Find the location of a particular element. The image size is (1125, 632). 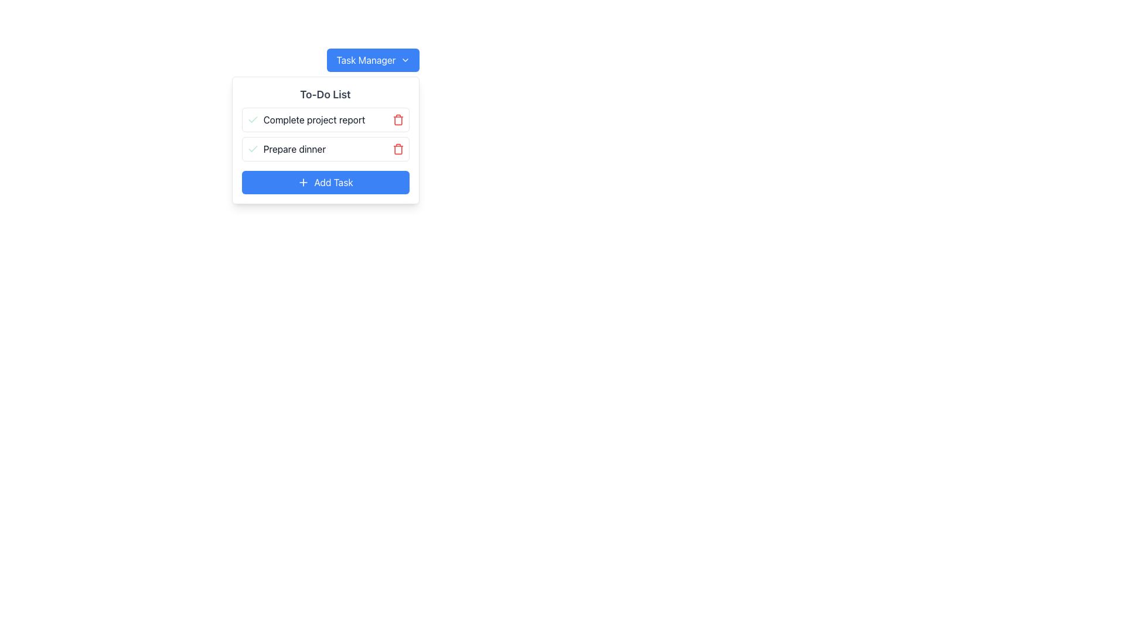

the second item in the To-Do List, which displays the task description 'Prepare dinner' is located at coordinates (325, 139).